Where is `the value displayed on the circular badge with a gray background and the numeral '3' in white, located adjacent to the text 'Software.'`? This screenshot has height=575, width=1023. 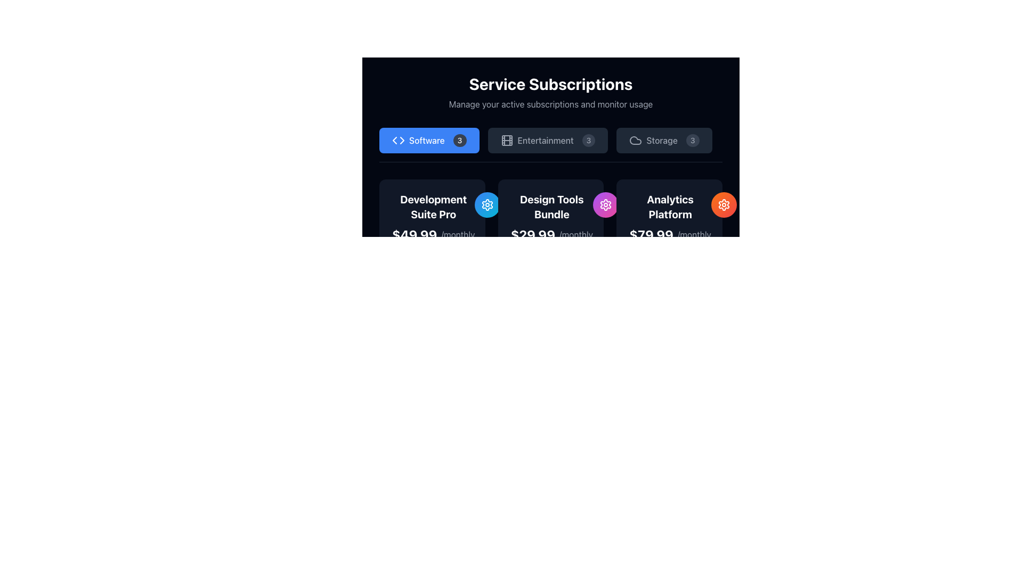
the value displayed on the circular badge with a gray background and the numeral '3' in white, located adjacent to the text 'Software.' is located at coordinates (460, 139).